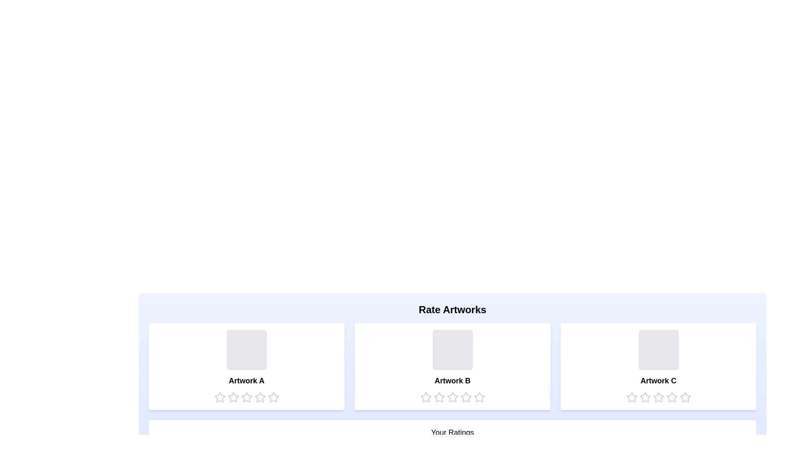 The image size is (802, 451). What do you see at coordinates (452, 350) in the screenshot?
I see `the placeholder for Artwork B` at bounding box center [452, 350].